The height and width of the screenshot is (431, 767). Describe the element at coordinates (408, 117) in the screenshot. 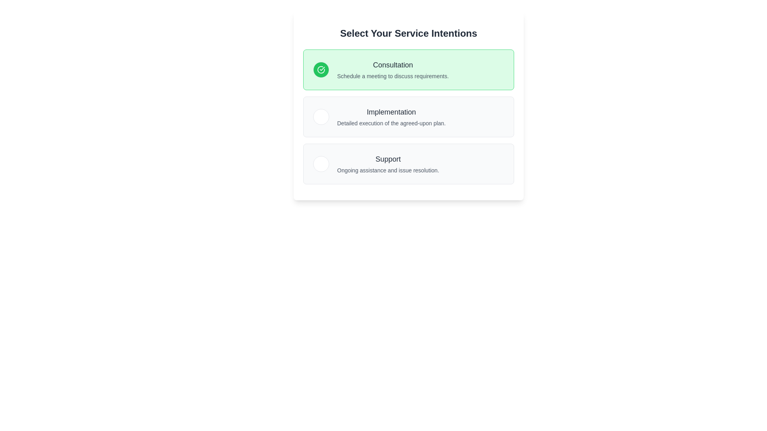

I see `the 'Implementation' section, which is the second of three sections titled 'Select Your Service Intentions'` at that location.